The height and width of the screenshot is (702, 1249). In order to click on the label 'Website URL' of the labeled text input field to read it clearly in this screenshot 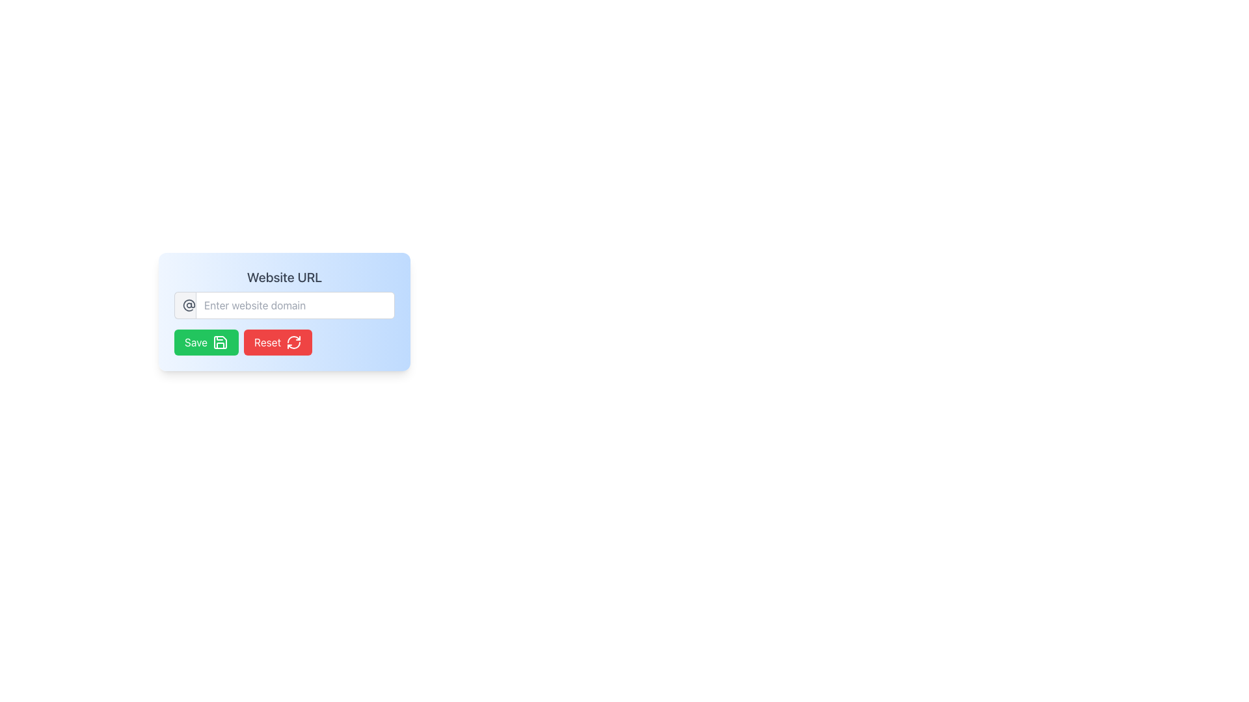, I will do `click(284, 293)`.